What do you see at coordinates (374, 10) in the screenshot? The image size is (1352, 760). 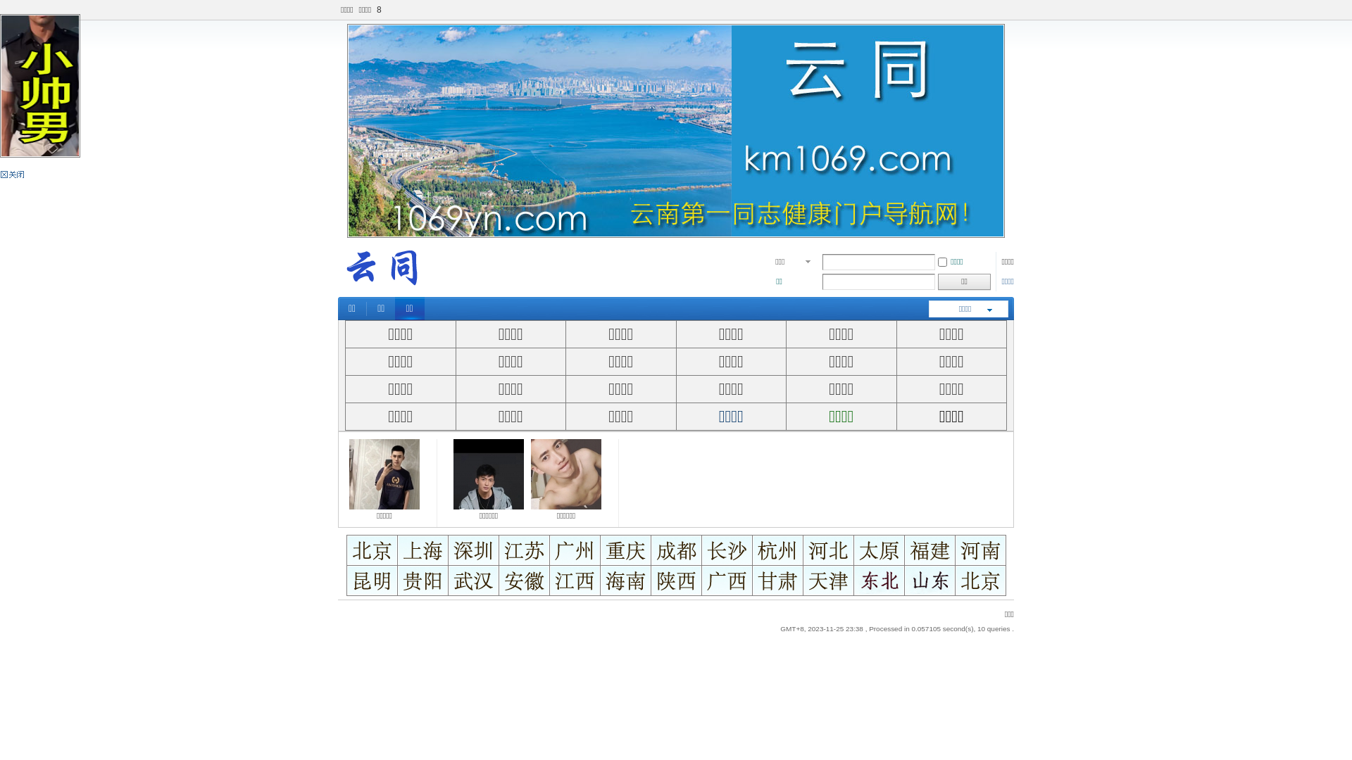 I see `'8'` at bounding box center [374, 10].